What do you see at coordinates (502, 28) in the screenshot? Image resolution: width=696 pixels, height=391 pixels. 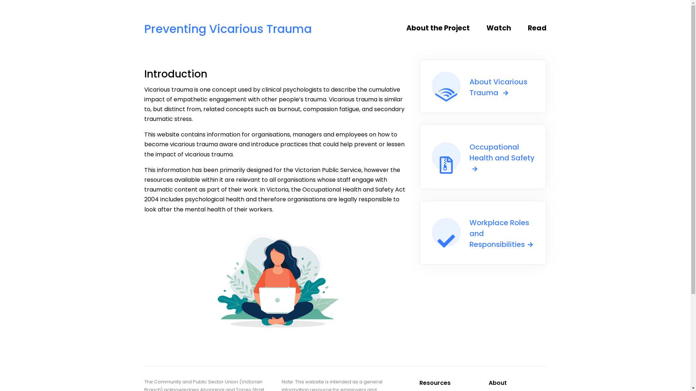 I see `'Watch'` at bounding box center [502, 28].